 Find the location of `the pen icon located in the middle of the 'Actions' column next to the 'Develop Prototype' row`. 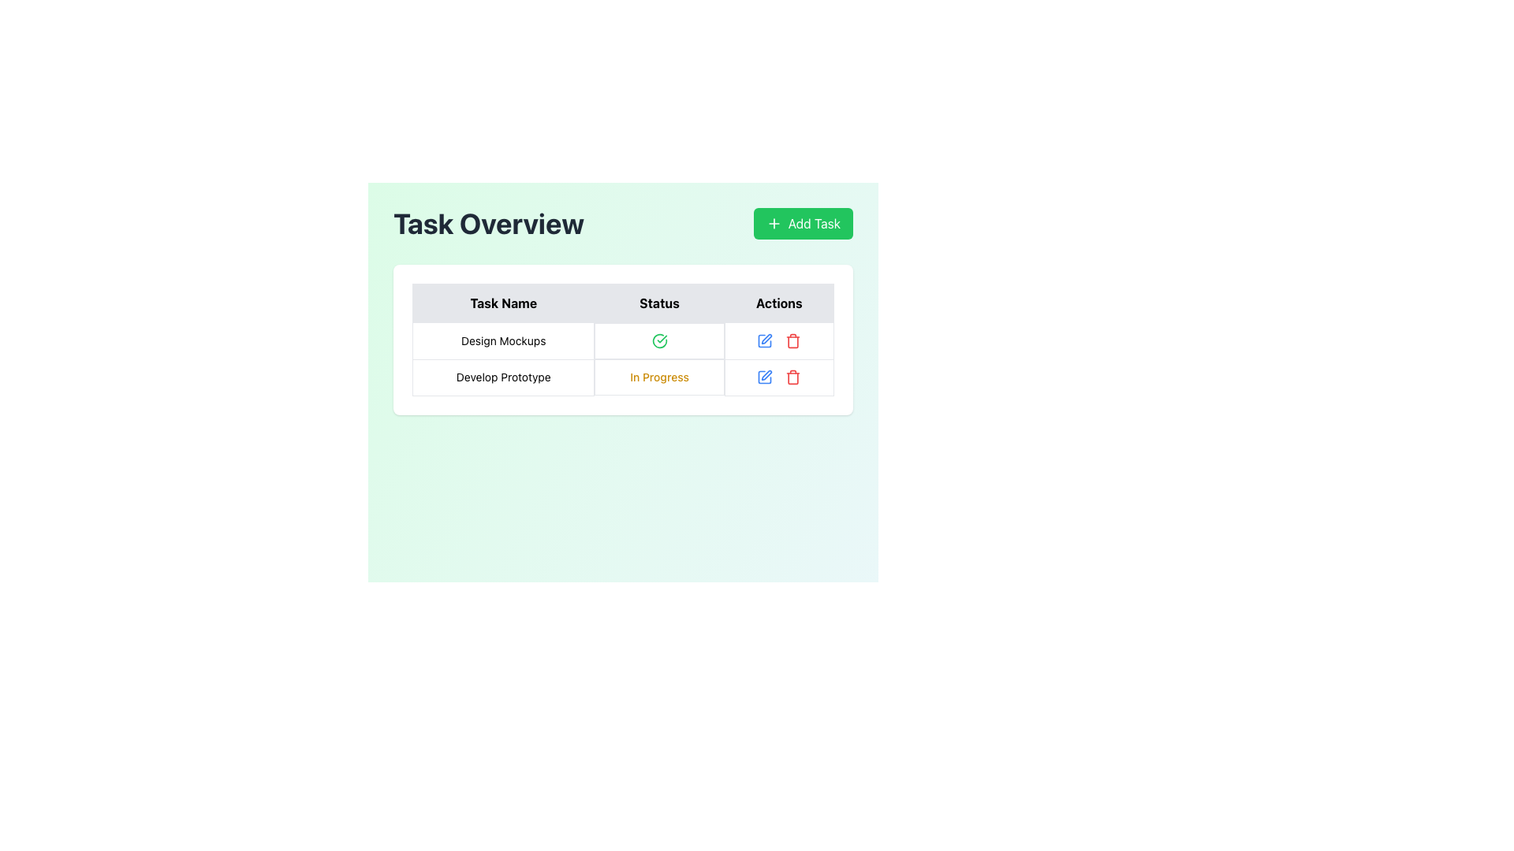

the pen icon located in the middle of the 'Actions' column next to the 'Develop Prototype' row is located at coordinates (766, 375).